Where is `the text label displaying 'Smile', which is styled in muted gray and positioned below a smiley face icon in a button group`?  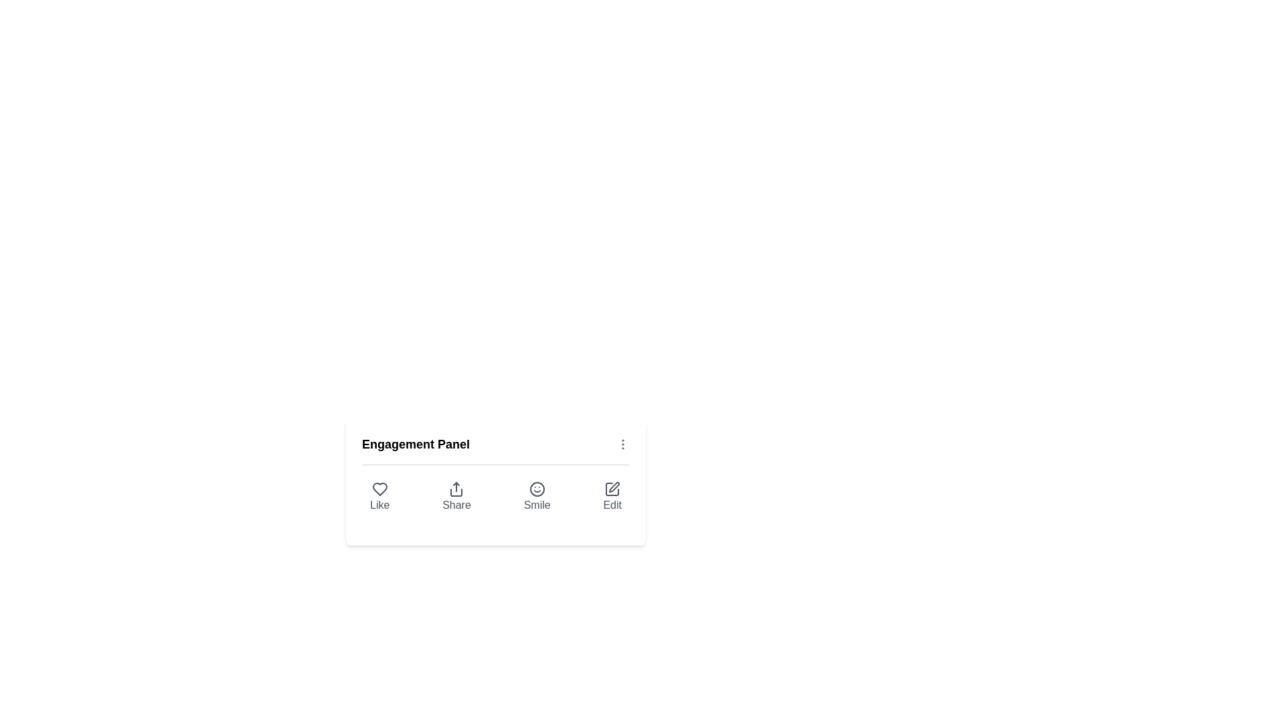 the text label displaying 'Smile', which is styled in muted gray and positioned below a smiley face icon in a button group is located at coordinates (537, 505).